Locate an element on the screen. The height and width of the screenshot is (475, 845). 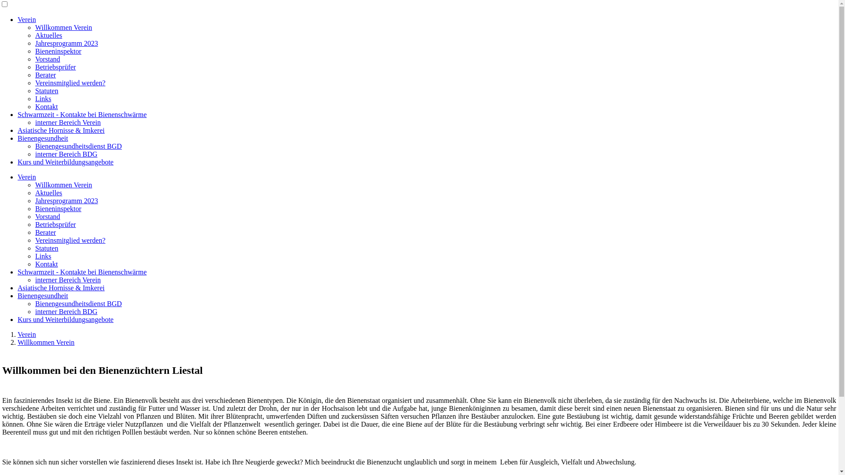
'Willkommen Verein' is located at coordinates (45, 342).